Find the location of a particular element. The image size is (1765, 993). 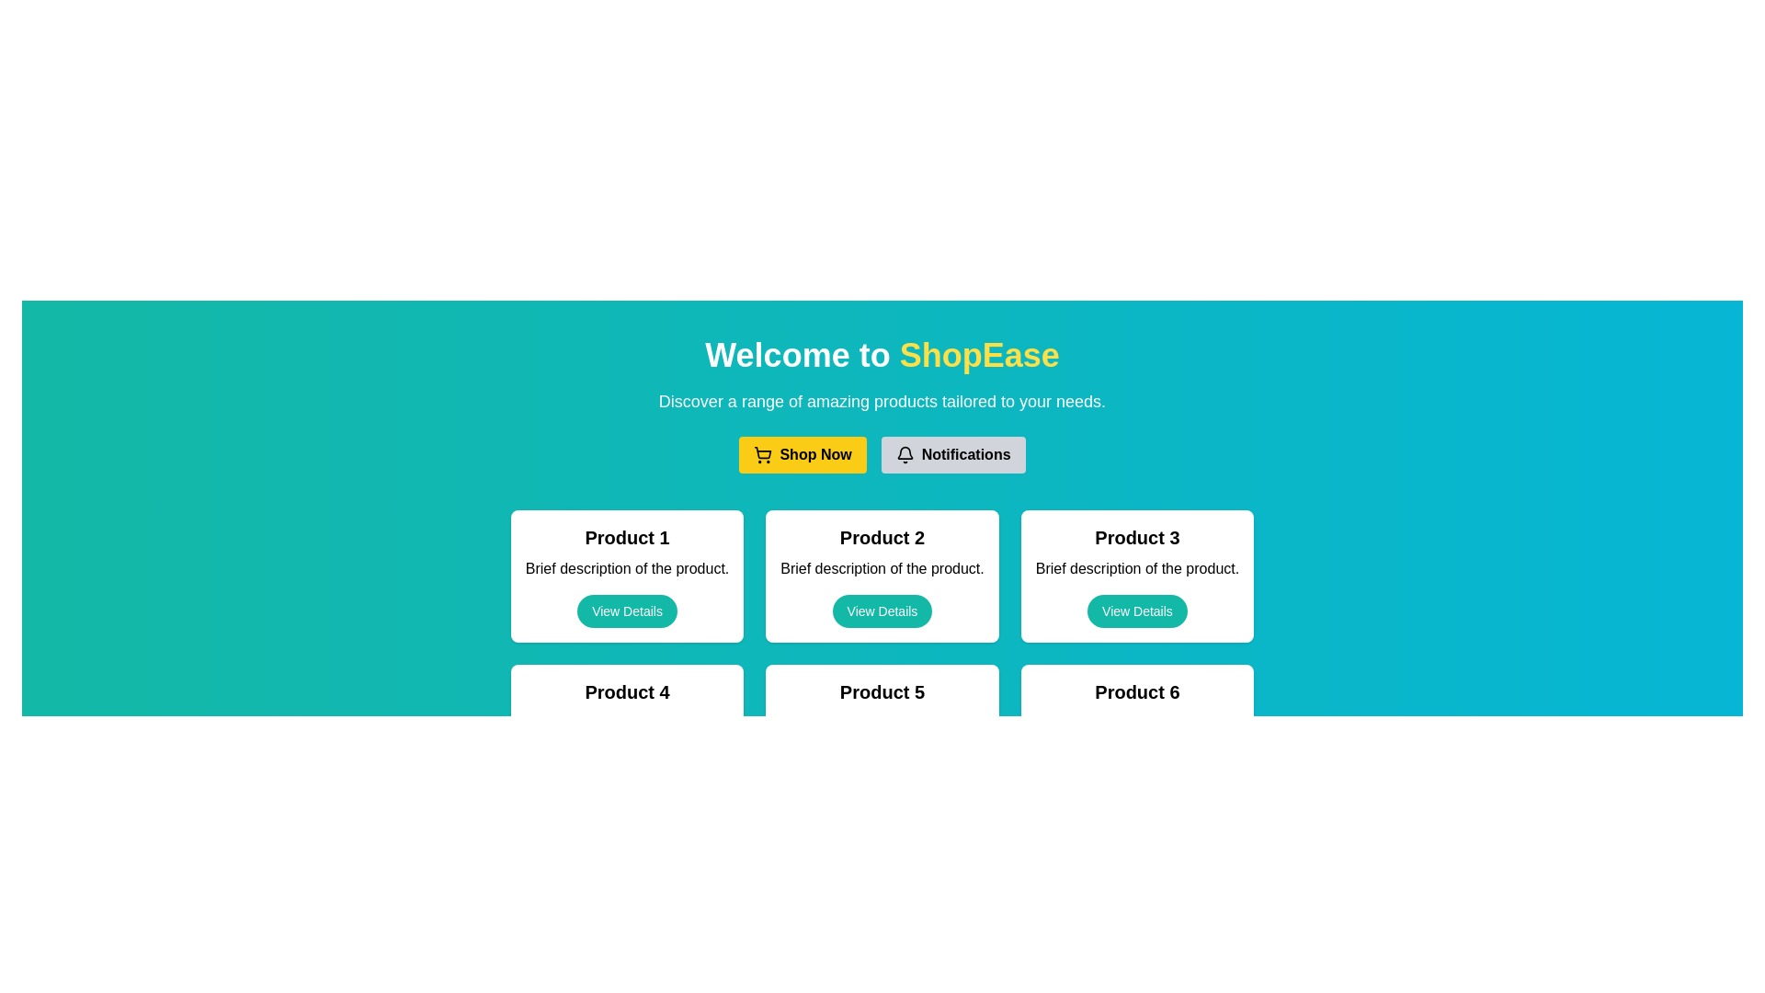

the text display that provides a brief description of Product 3, positioned below the title 'Product 3' and above the 'View Details' button is located at coordinates (1136, 567).